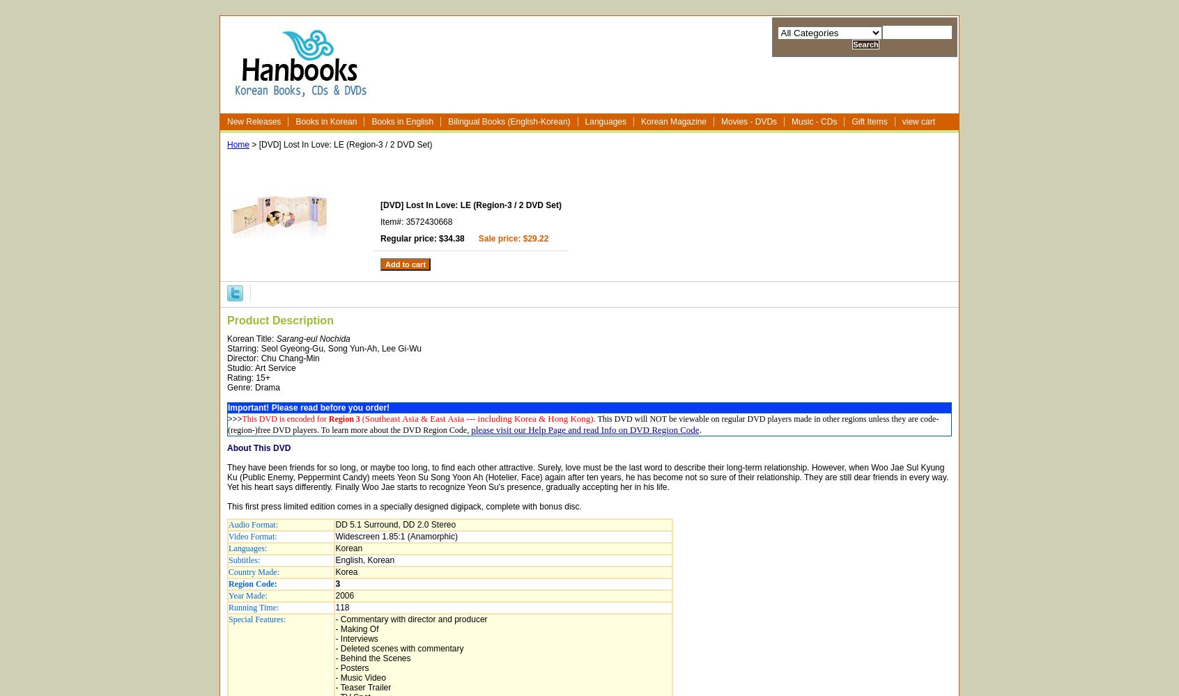 Image resolution: width=1179 pixels, height=696 pixels. What do you see at coordinates (399, 649) in the screenshot?
I see `'- Deleted scenes with commentary'` at bounding box center [399, 649].